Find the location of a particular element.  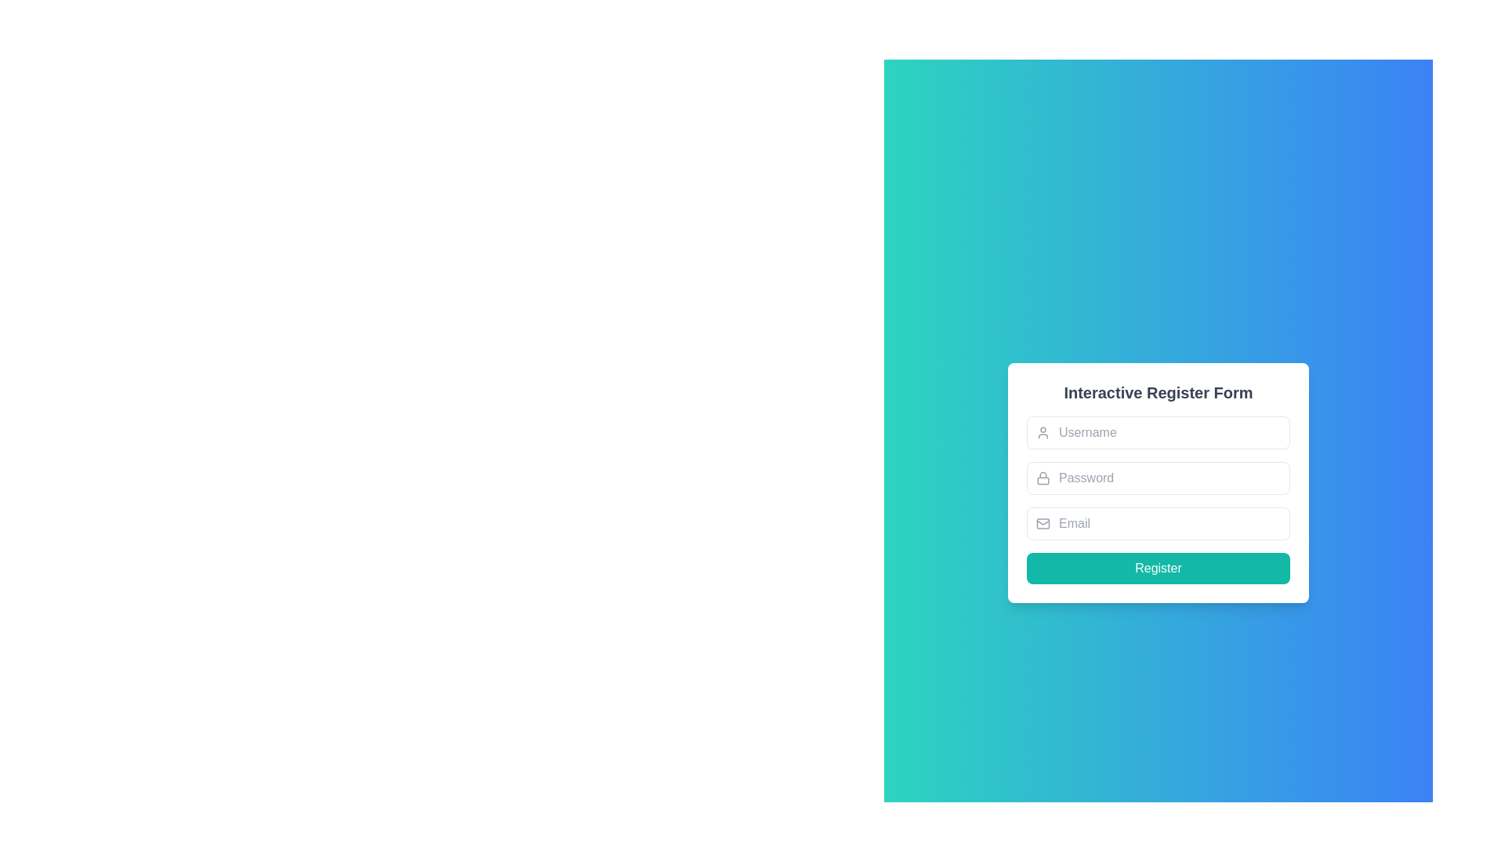

user icon represented as a gray silhouette of a person, located inside the username input field on the left side is located at coordinates (1043, 432).